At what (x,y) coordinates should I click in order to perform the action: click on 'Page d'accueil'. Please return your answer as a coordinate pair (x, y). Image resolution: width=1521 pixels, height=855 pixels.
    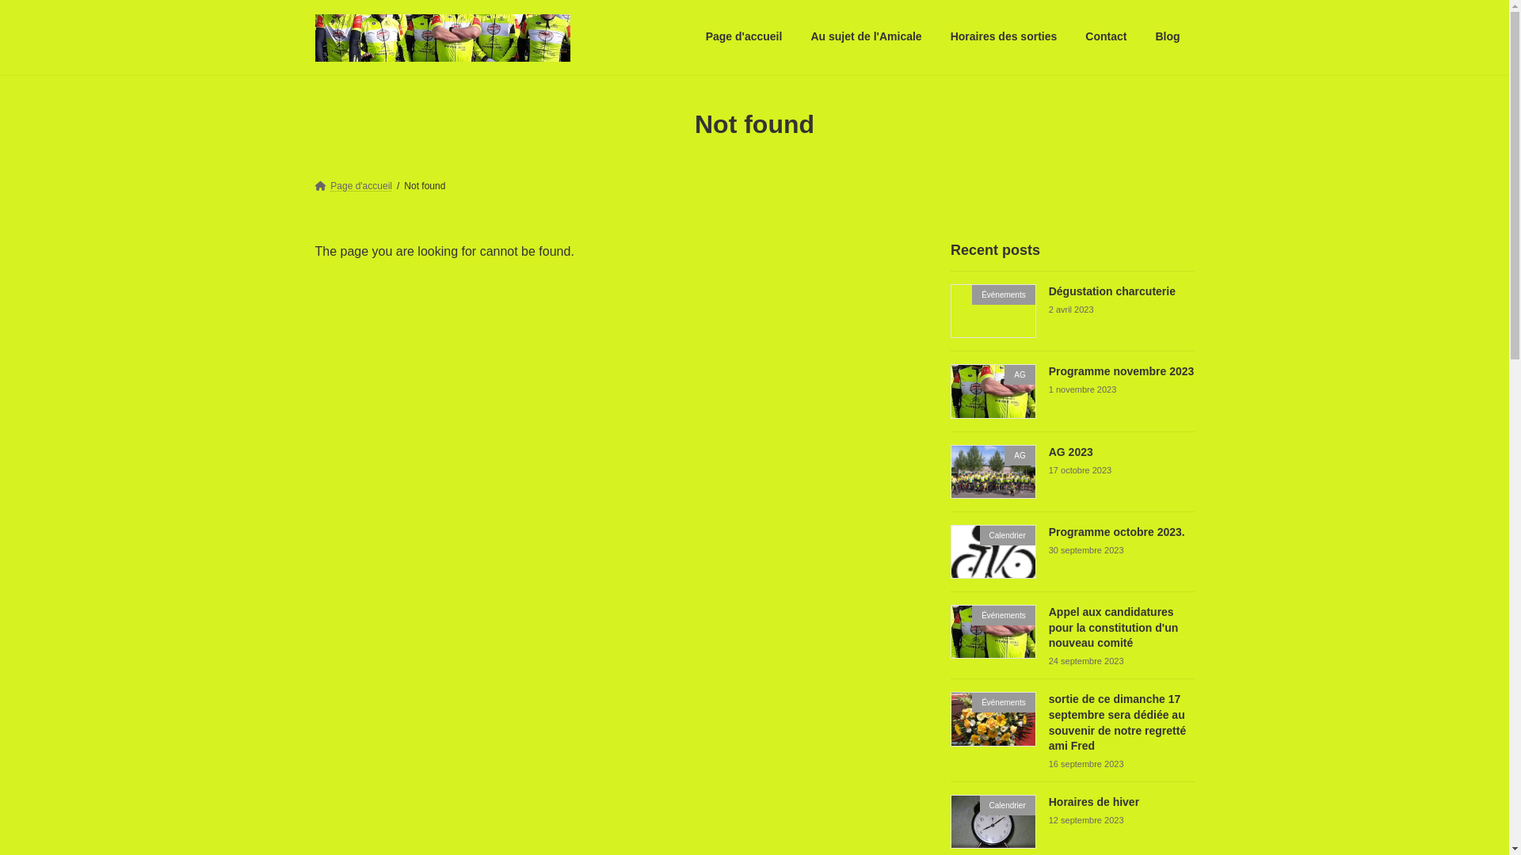
    Looking at the image, I should click on (743, 36).